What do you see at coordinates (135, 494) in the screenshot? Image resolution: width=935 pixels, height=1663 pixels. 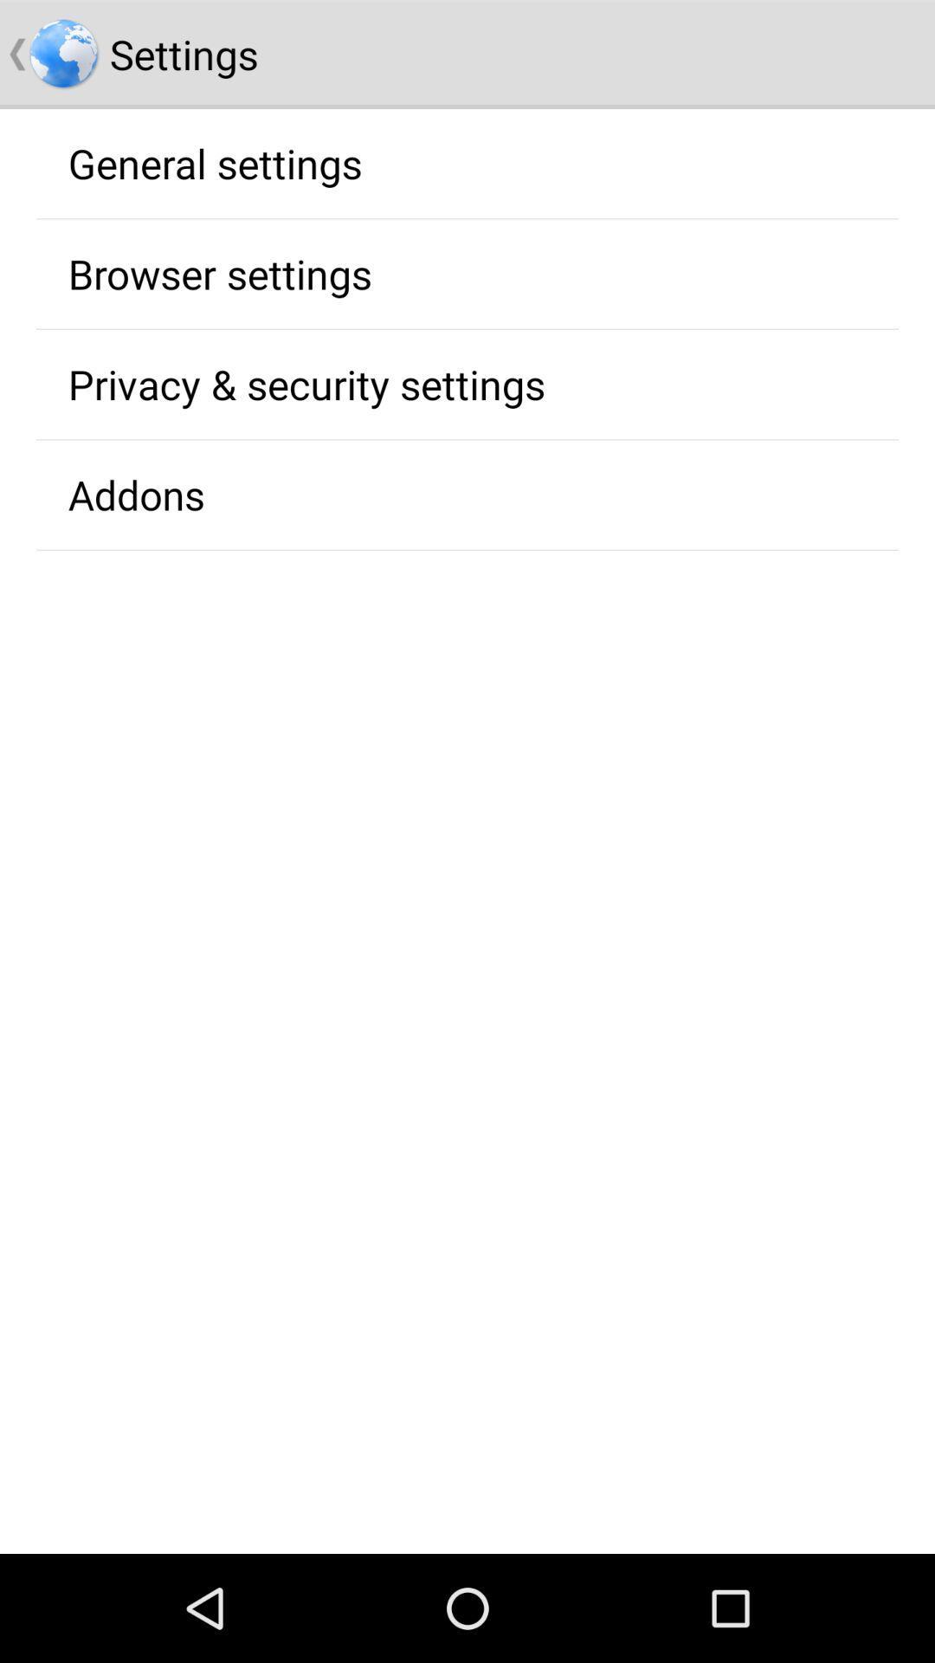 I see `the addons item` at bounding box center [135, 494].